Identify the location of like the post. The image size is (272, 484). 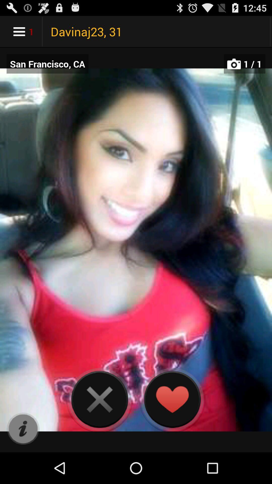
(172, 399).